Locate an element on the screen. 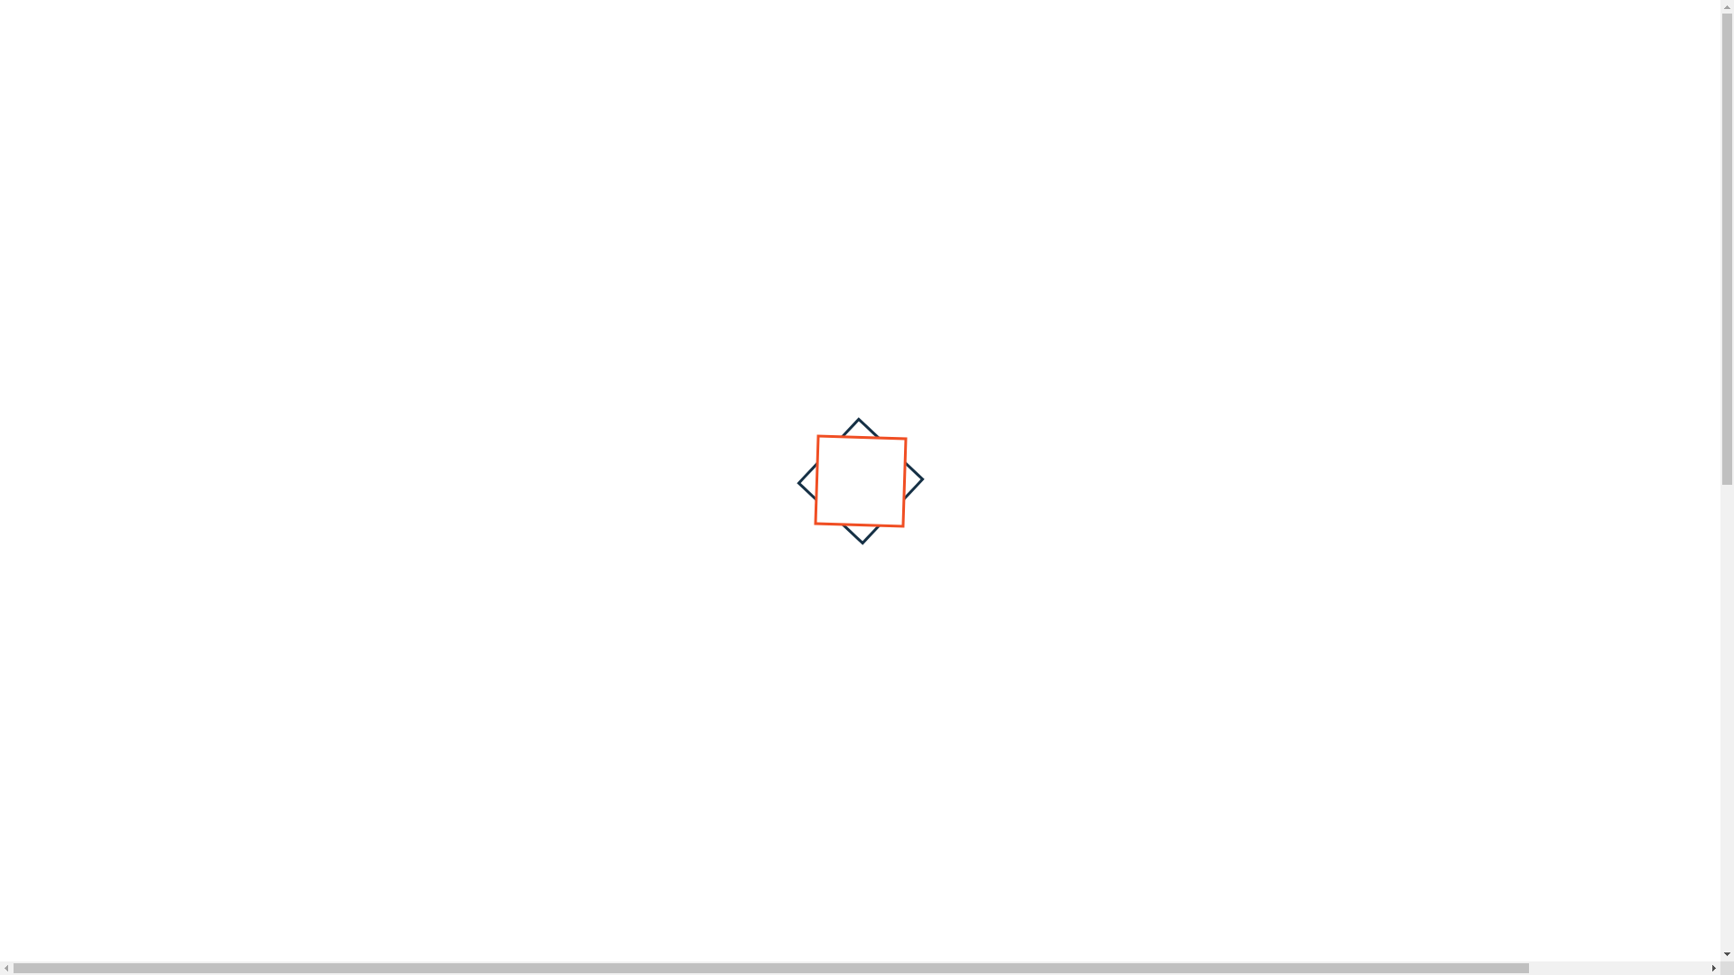 This screenshot has width=1734, height=975. '+61 3 9326 7266' is located at coordinates (400, 15).